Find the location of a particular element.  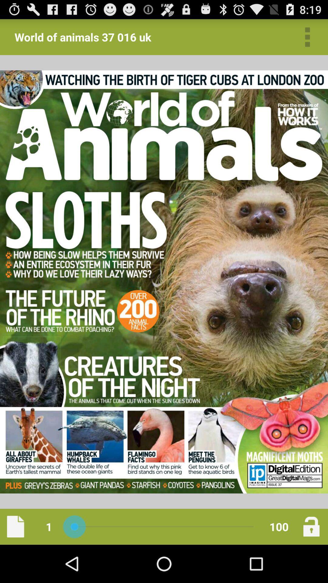

the item at the top right corner is located at coordinates (307, 37).